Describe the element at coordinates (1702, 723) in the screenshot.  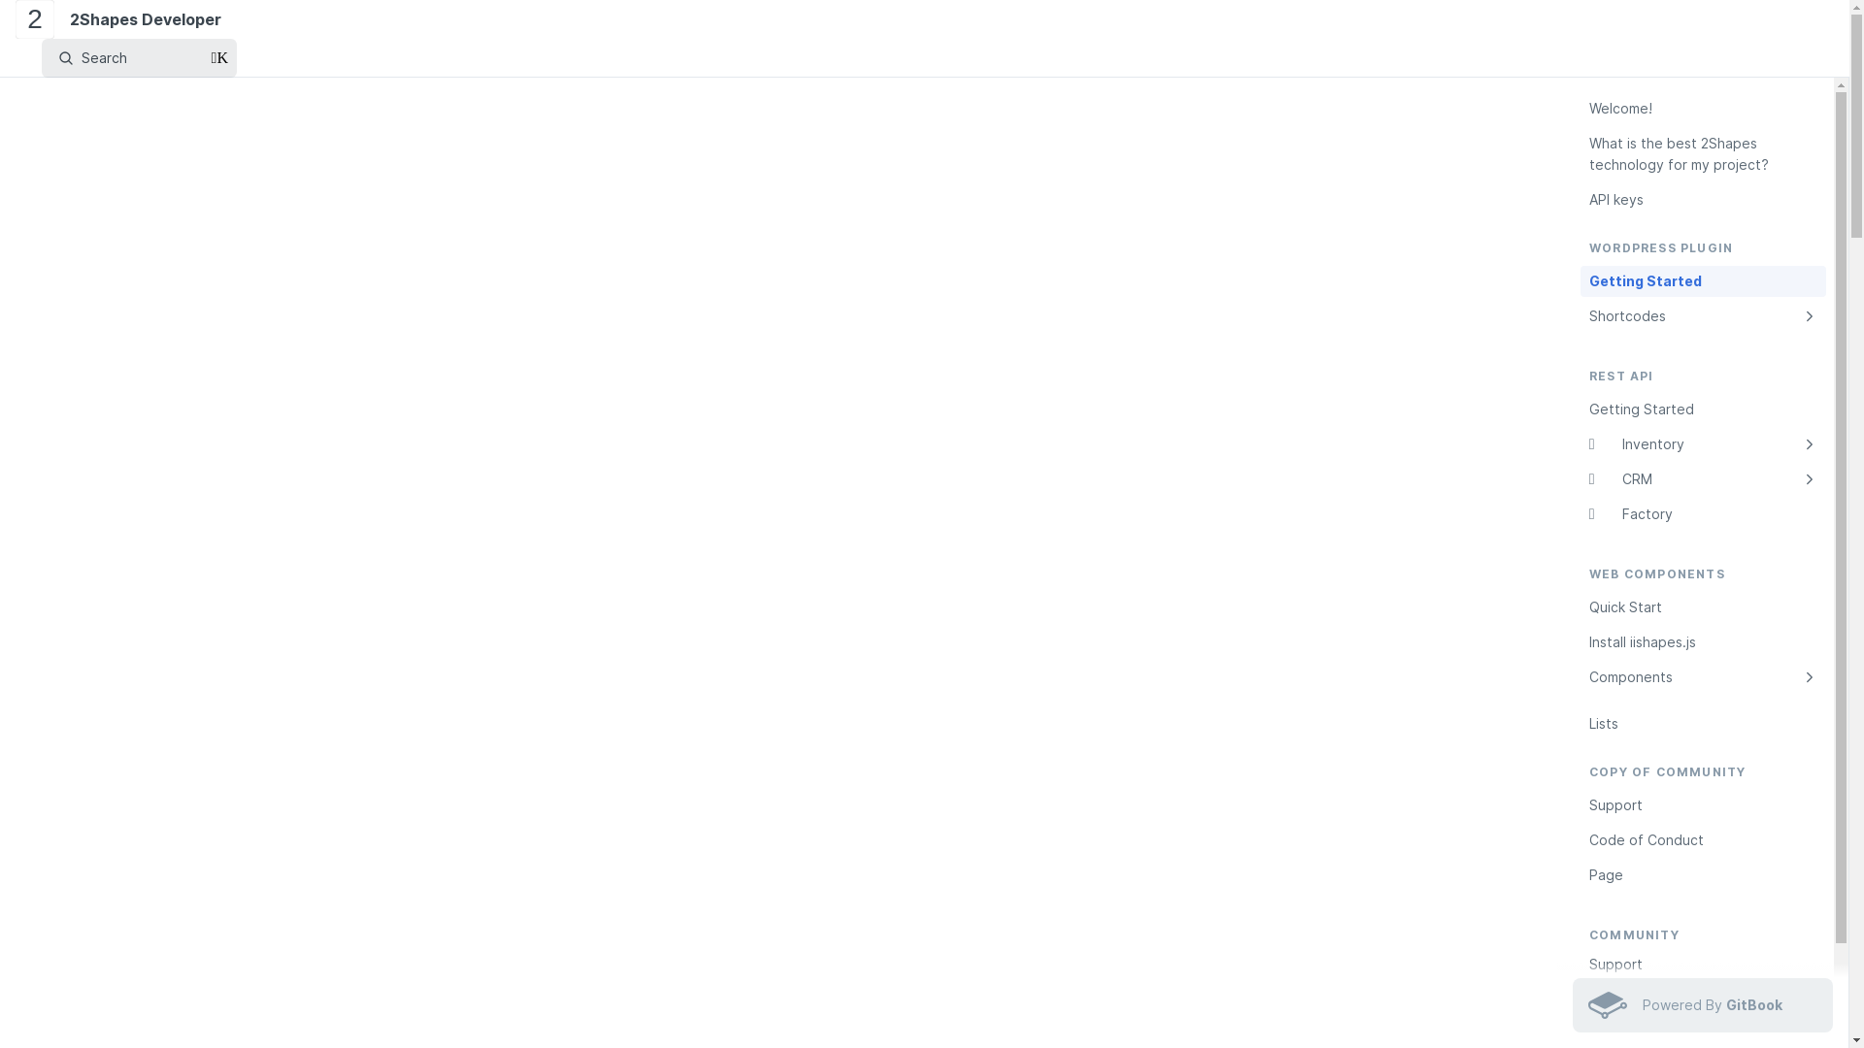
I see `'Lists'` at that location.